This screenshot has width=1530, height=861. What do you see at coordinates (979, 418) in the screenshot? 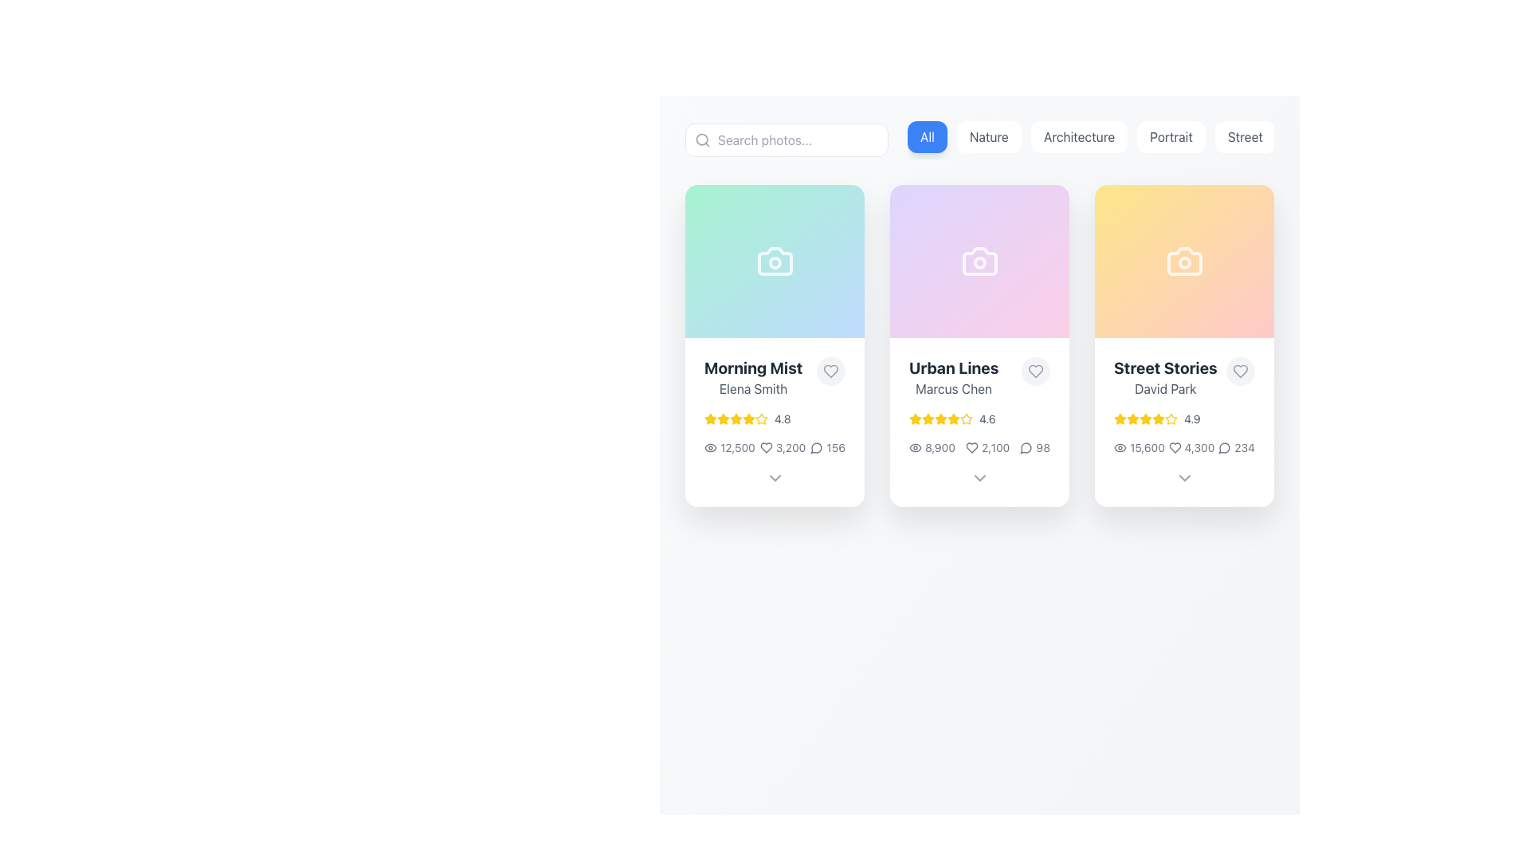
I see `the Rating Display Component showing 4.6 average rating with five yellow stars, located in the 'Urban Lines' card near the top center of the interface` at bounding box center [979, 418].